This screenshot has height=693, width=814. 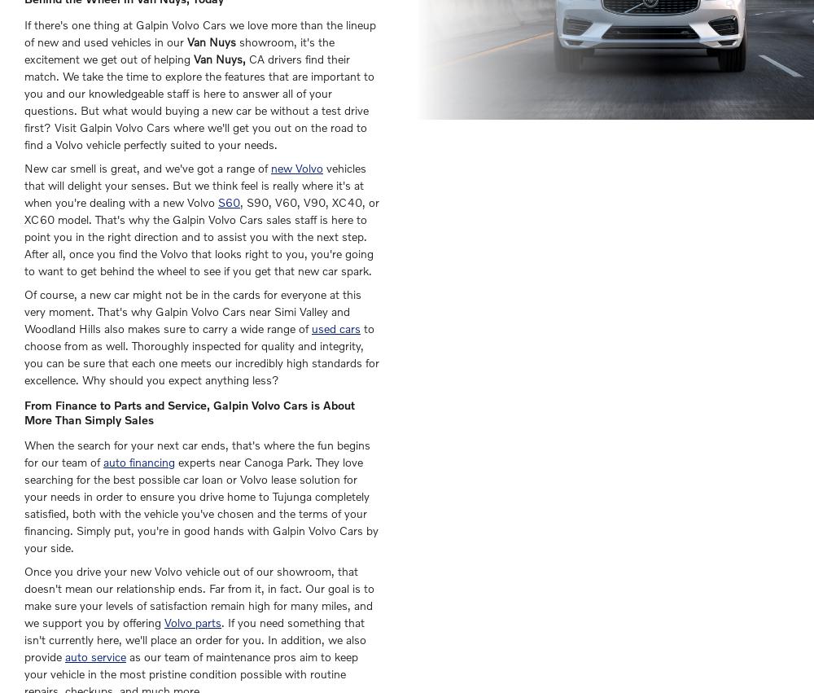 I want to click on 'vehicles that will delight your senses. But we think feel is really where it's at when you're dealing with a new Volvo', so click(x=195, y=185).